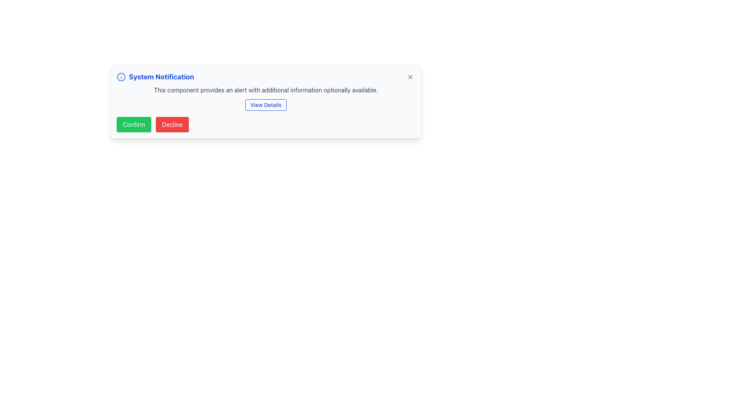 Image resolution: width=737 pixels, height=414 pixels. What do you see at coordinates (266, 105) in the screenshot?
I see `the 'View Details' button with a blue border and blue font, located beneath the alert text and above the 'Confirm' and 'Decline' buttons` at bounding box center [266, 105].